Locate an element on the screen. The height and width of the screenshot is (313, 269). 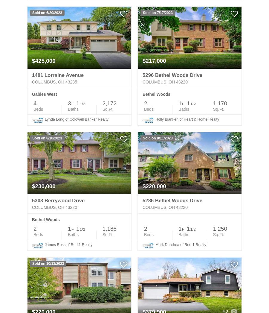
'Holly Blanken of Heart & Home Realty' is located at coordinates (187, 119).